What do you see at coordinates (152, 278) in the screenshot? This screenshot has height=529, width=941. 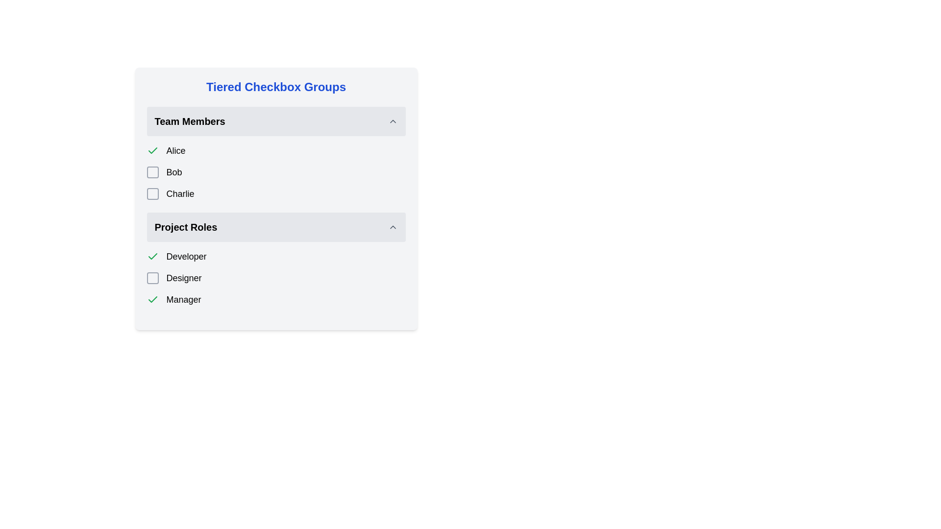 I see `the empty checkbox with a gray outline and rounded corners located to the left of the 'Designer' label under the 'Project Roles' heading` at bounding box center [152, 278].